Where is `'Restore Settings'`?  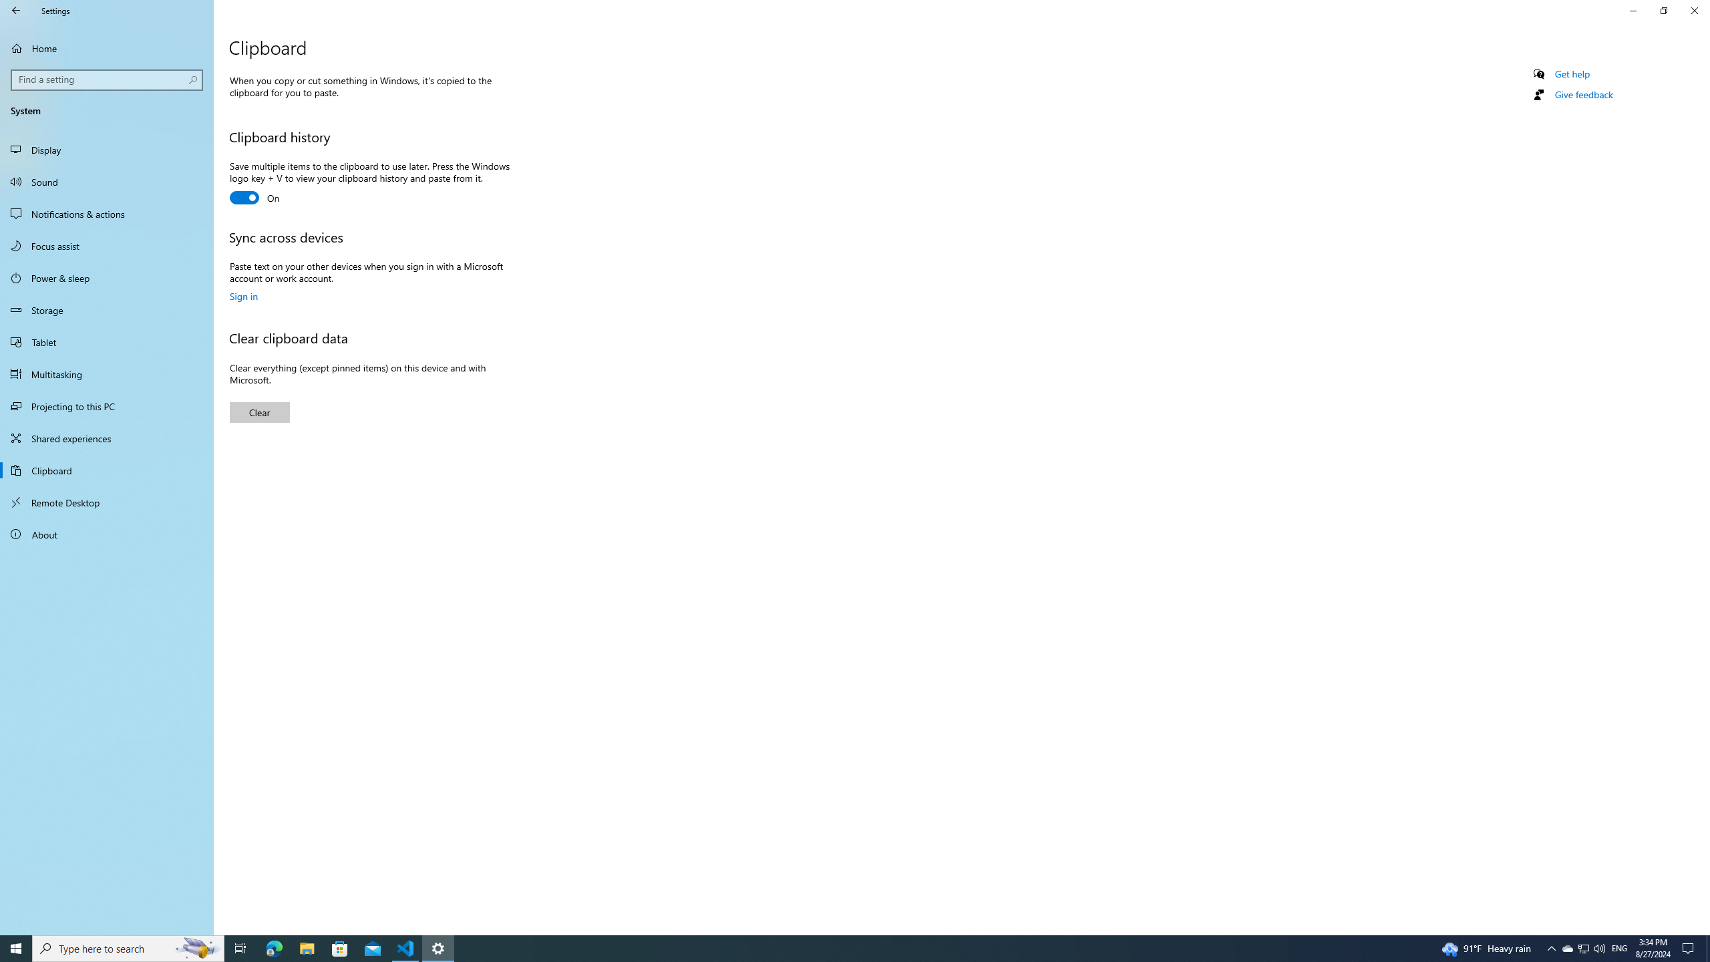 'Restore Settings' is located at coordinates (1663, 10).